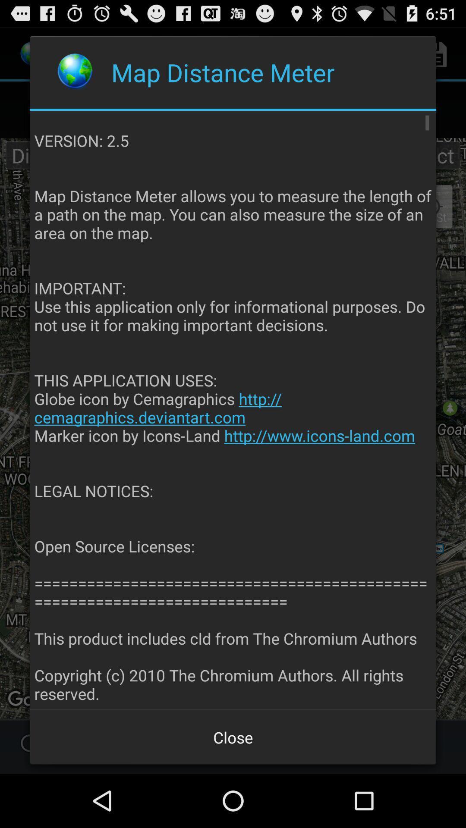 Image resolution: width=466 pixels, height=828 pixels. What do you see at coordinates (233, 410) in the screenshot?
I see `the app at the center` at bounding box center [233, 410].